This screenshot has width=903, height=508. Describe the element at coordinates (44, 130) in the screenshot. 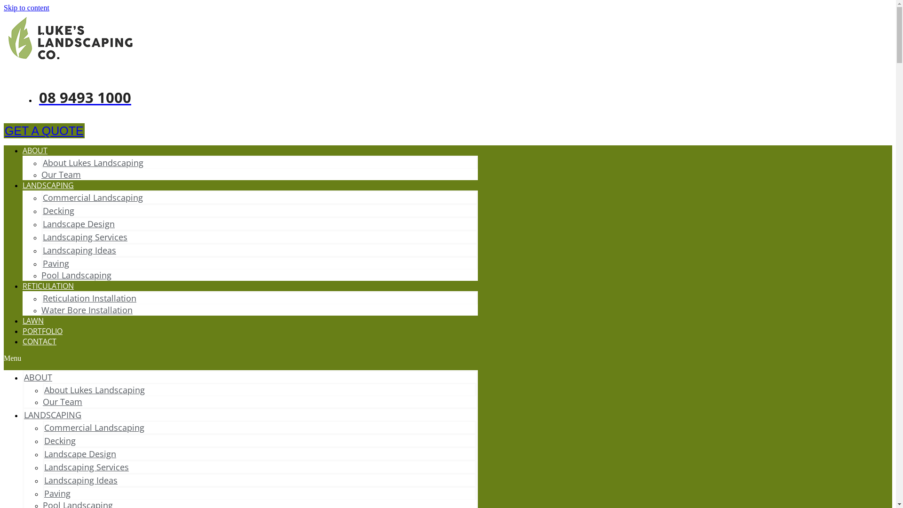

I see `'GET A QUOTE'` at that location.